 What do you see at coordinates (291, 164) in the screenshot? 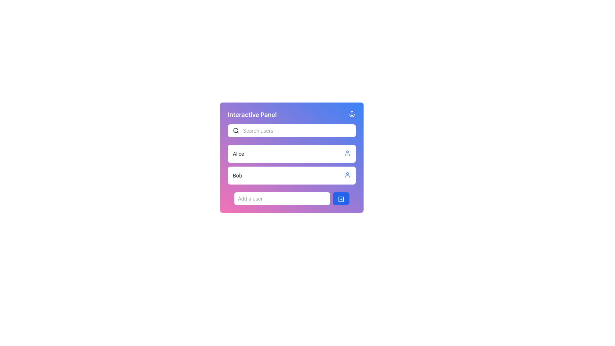
I see `the List of structured containers containing the usernames 'Alice' and 'Bob'` at bounding box center [291, 164].